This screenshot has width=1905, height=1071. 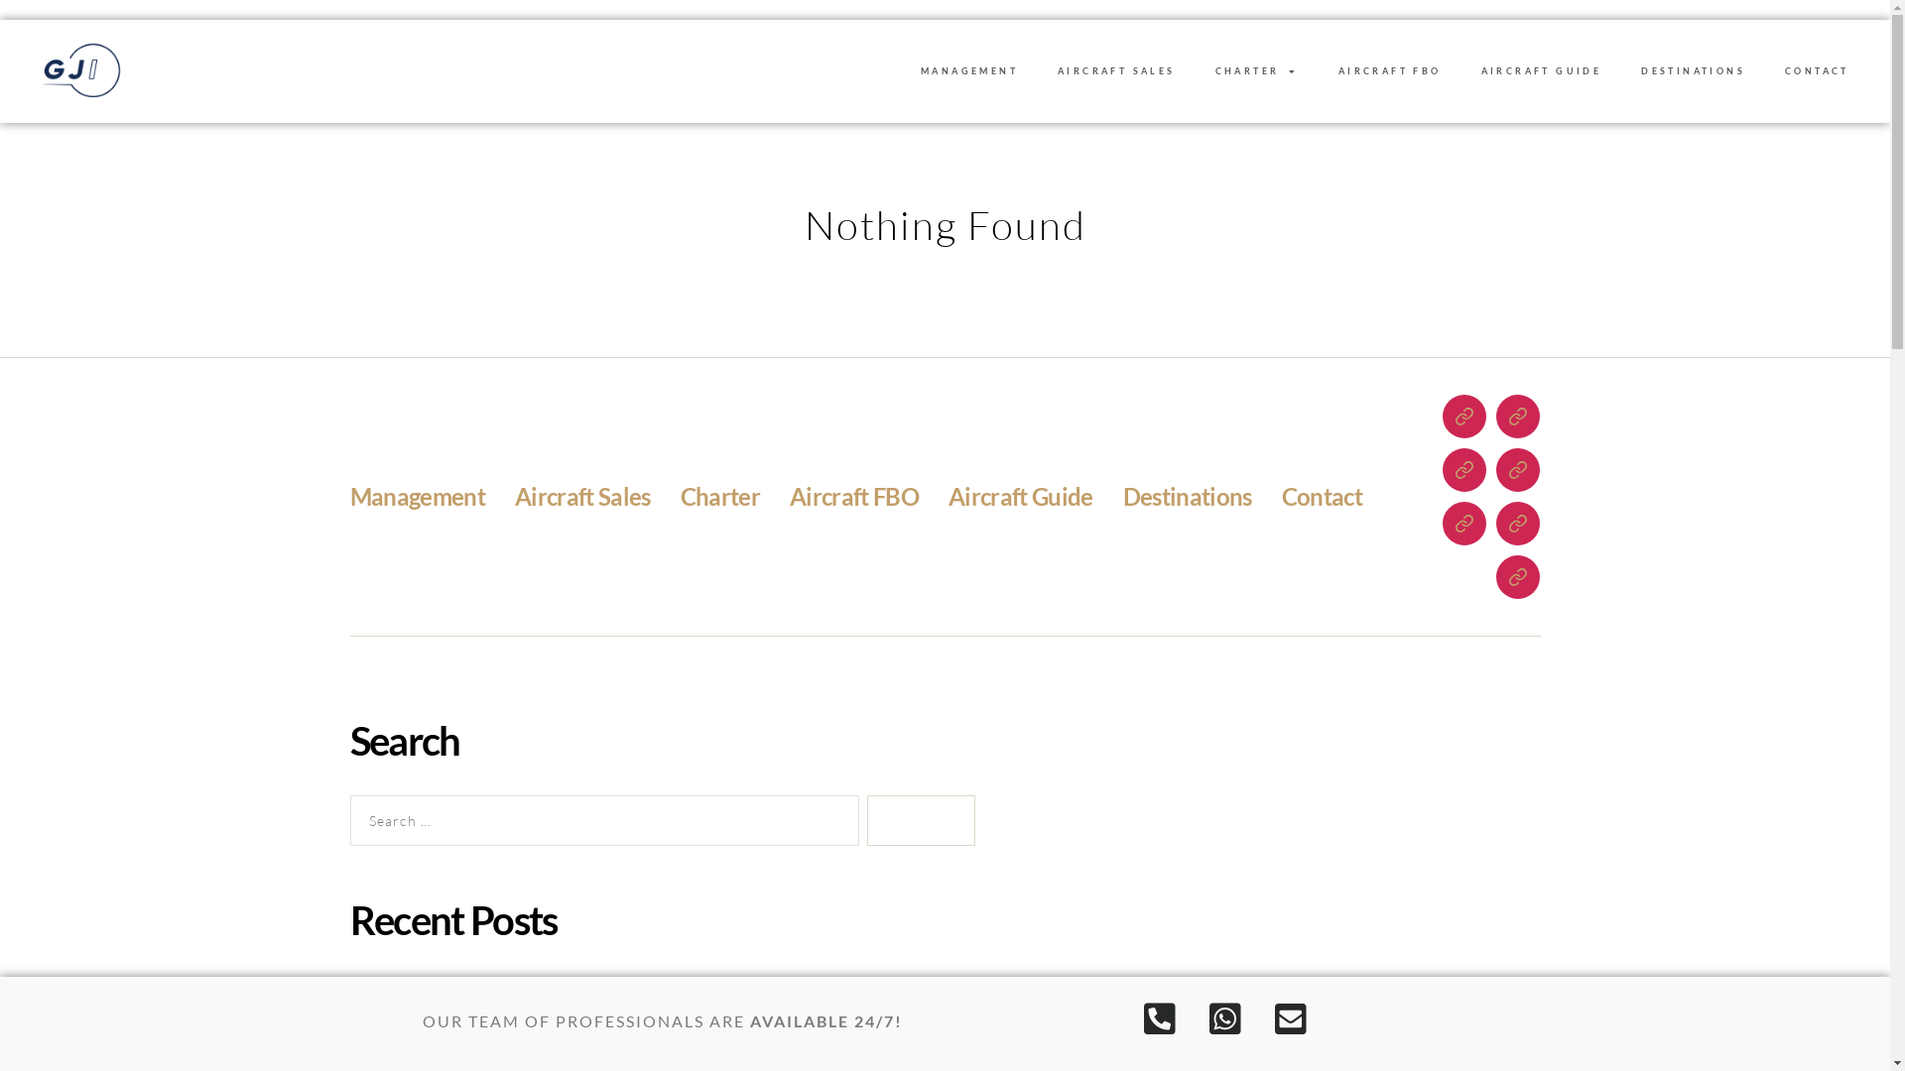 What do you see at coordinates (1322, 495) in the screenshot?
I see `'Contact'` at bounding box center [1322, 495].